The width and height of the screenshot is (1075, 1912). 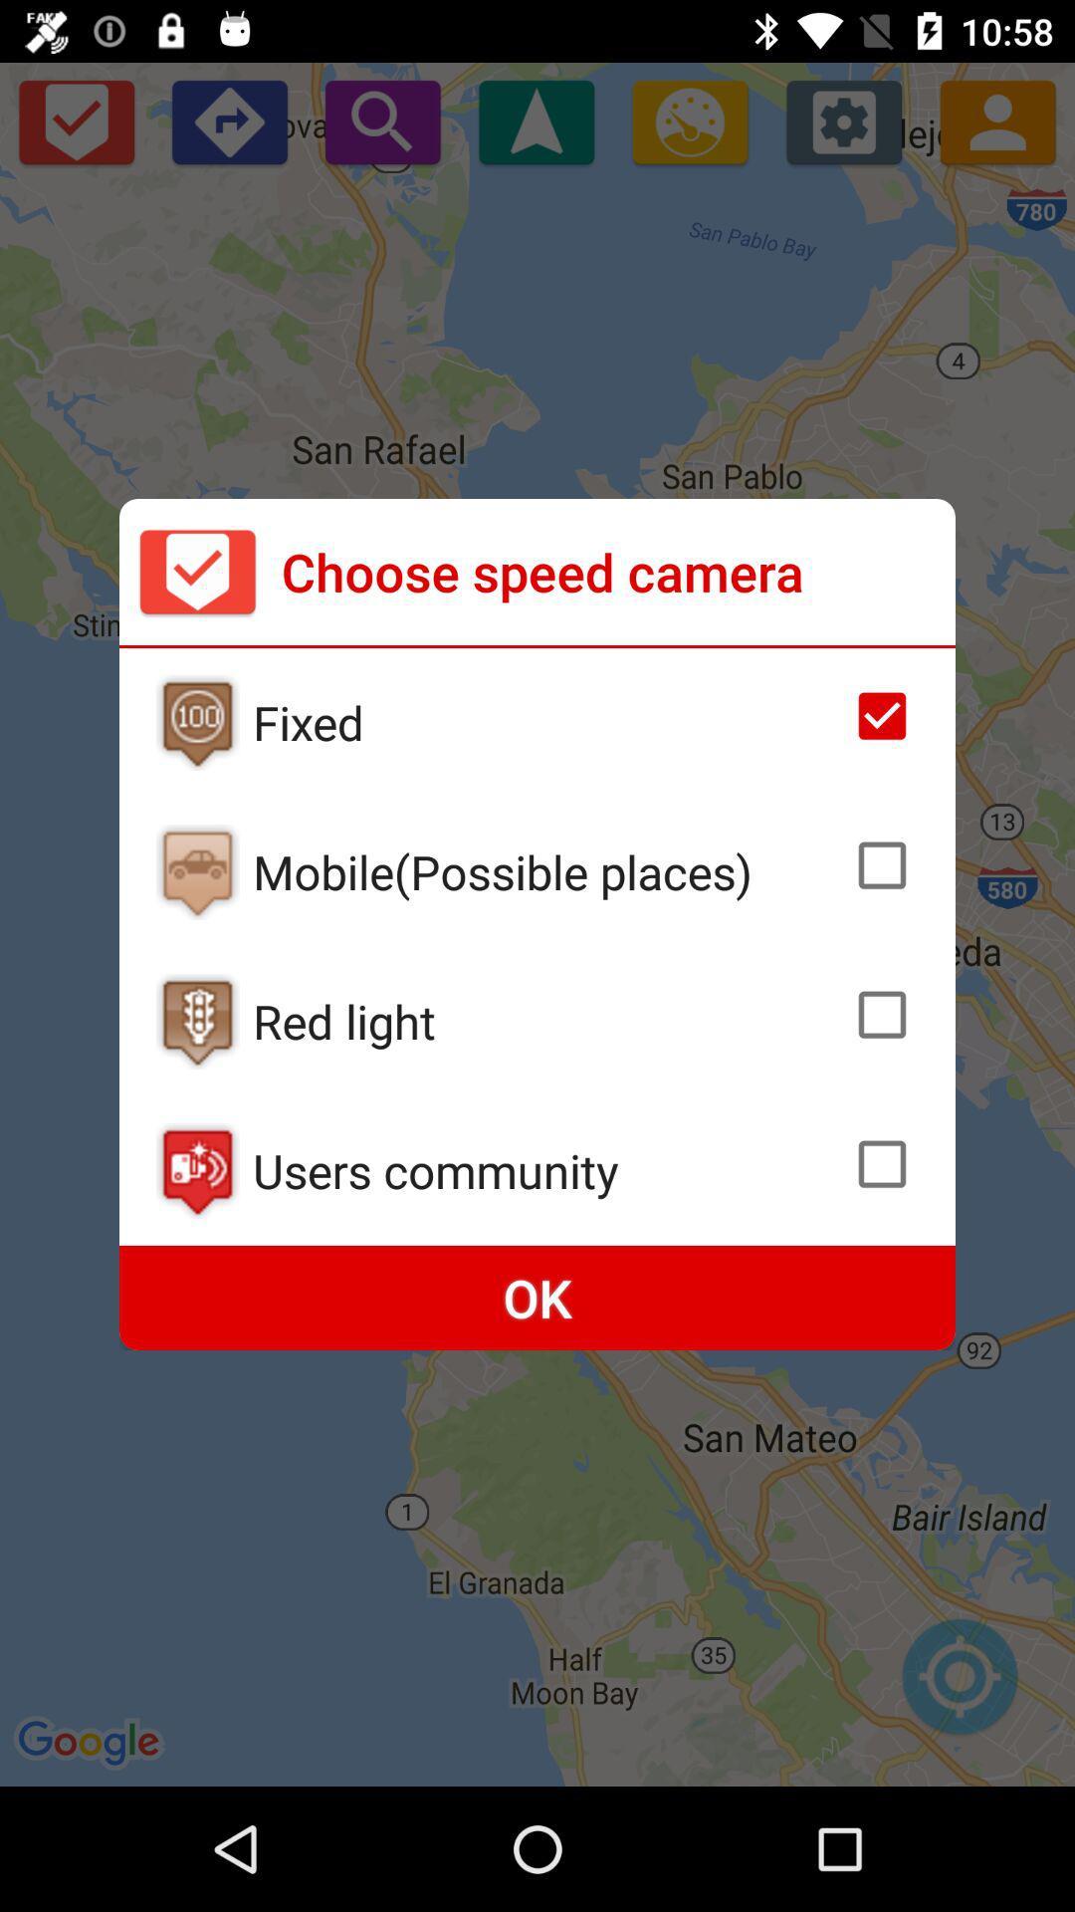 What do you see at coordinates (197, 721) in the screenshot?
I see `click fixed option` at bounding box center [197, 721].